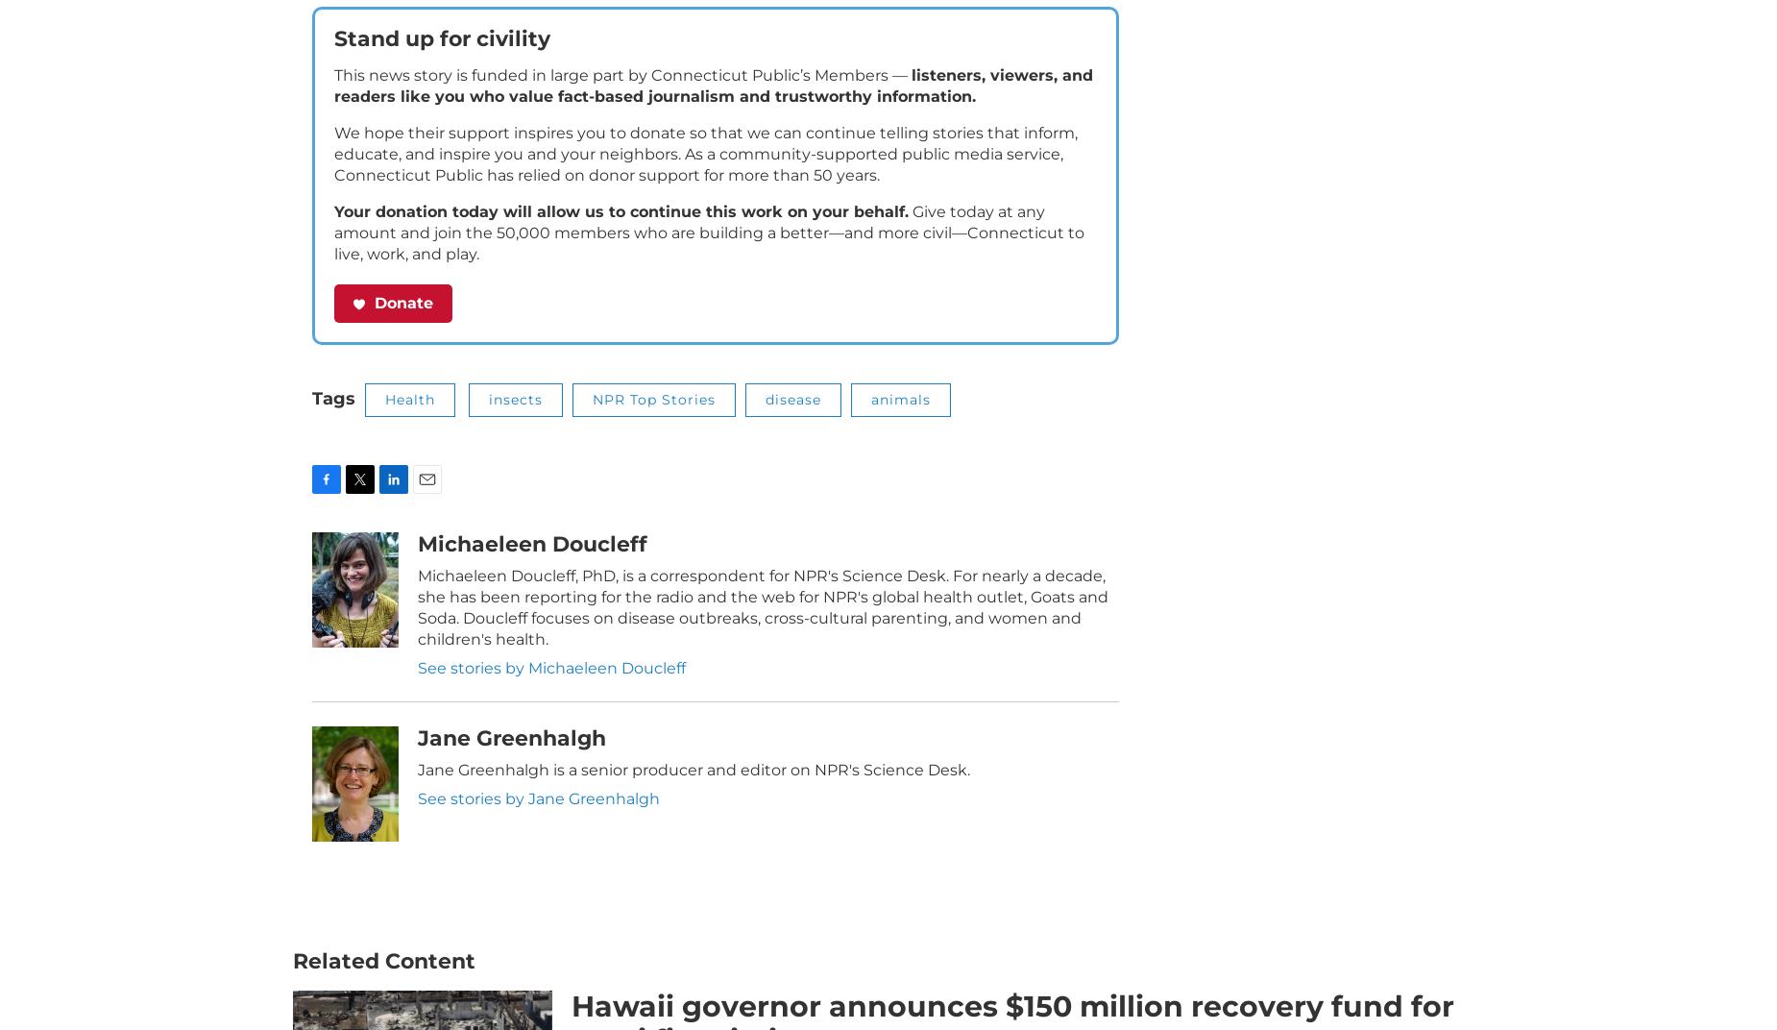 The width and height of the screenshot is (1777, 1030). I want to click on 'Michaeleen Doucleff, PhD, is a correspondent for NPR's Science Desk. For nearly a decade, she has been reporting for the radio and the web for NPR's global health outlet, Goats and Soda. Doucleff focuses on disease outbreaks, cross-cultural parenting, and women and children's health.', so click(416, 635).